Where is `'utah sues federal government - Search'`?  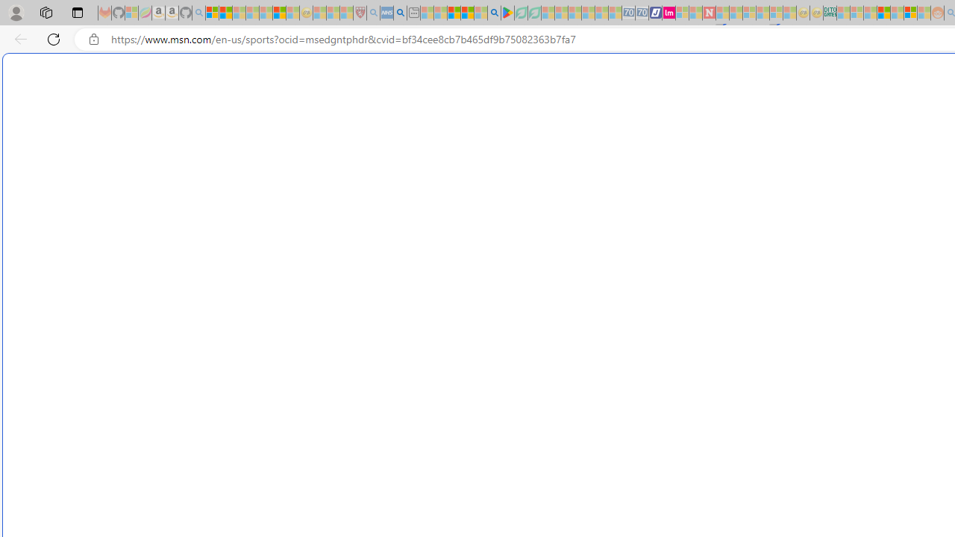
'utah sues federal government - Search' is located at coordinates (400, 13).